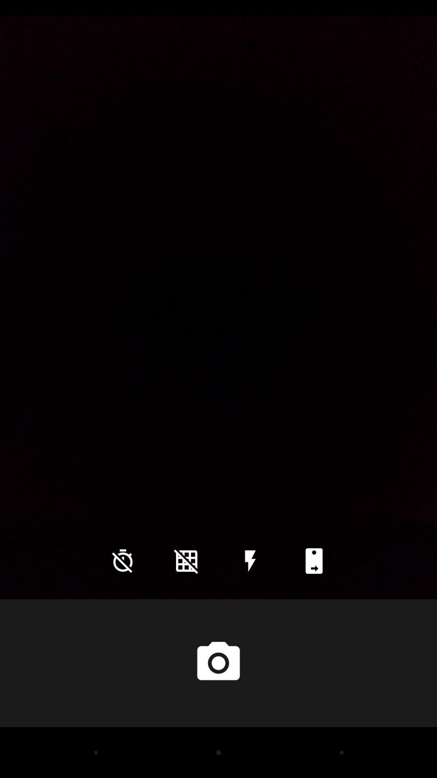 The width and height of the screenshot is (437, 778). I want to click on the time icon, so click(123, 560).